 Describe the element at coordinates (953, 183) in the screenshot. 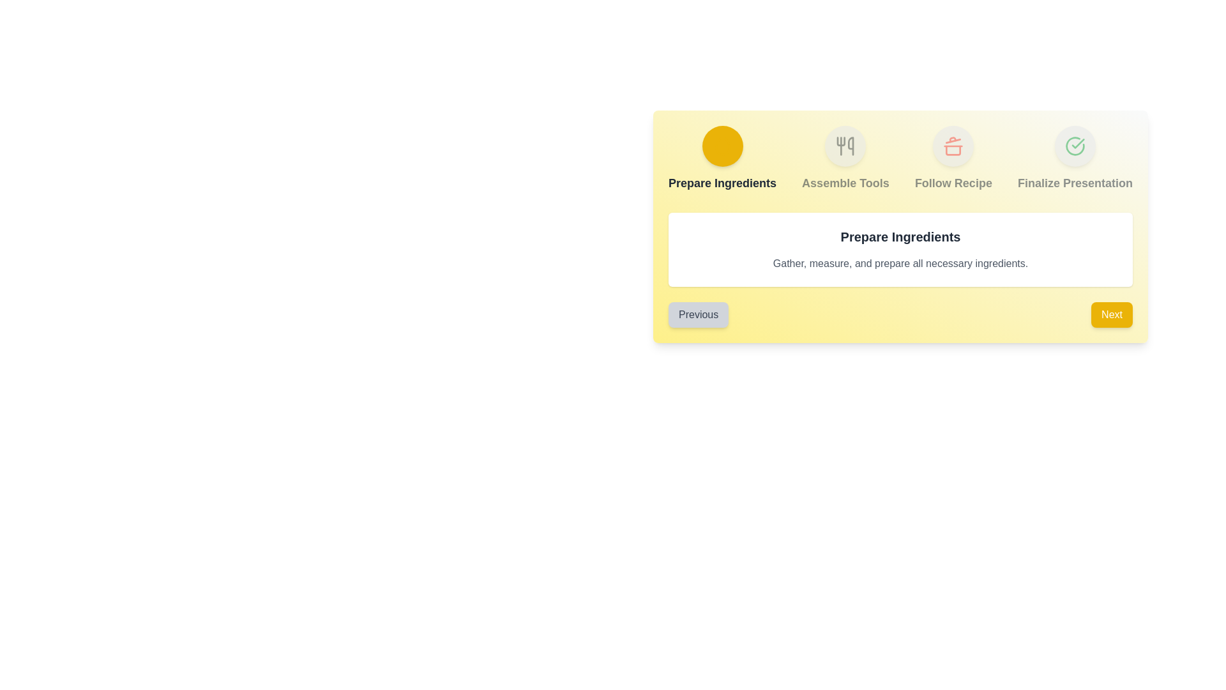

I see `text label displaying 'Follow Recipe' which is positioned below the cooking pot illustration and is part of the instructional sequence` at that location.